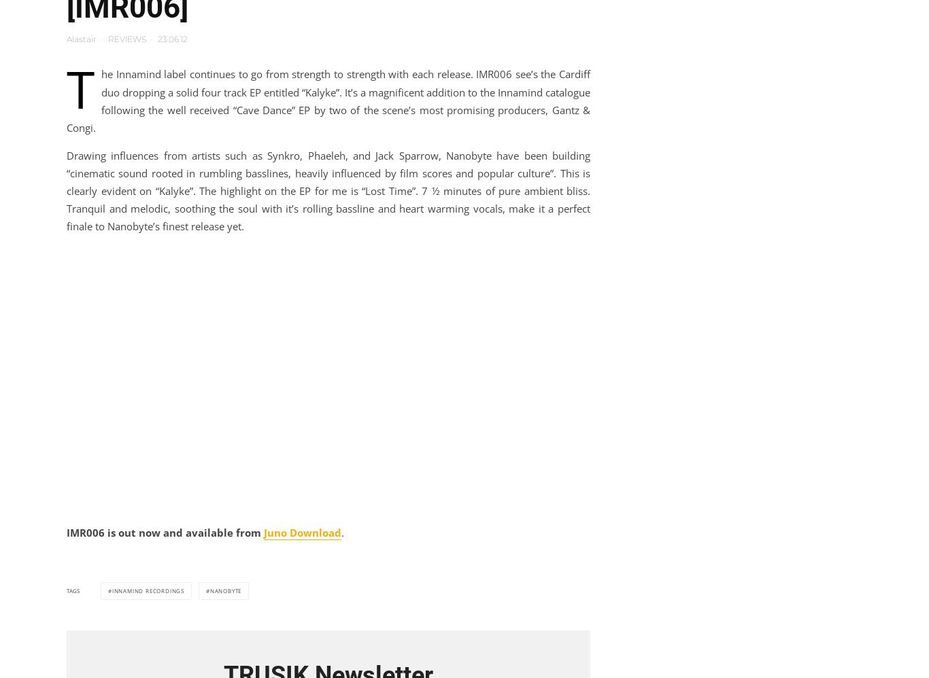 The image size is (929, 678). What do you see at coordinates (80, 37) in the screenshot?
I see `'Alastair'` at bounding box center [80, 37].